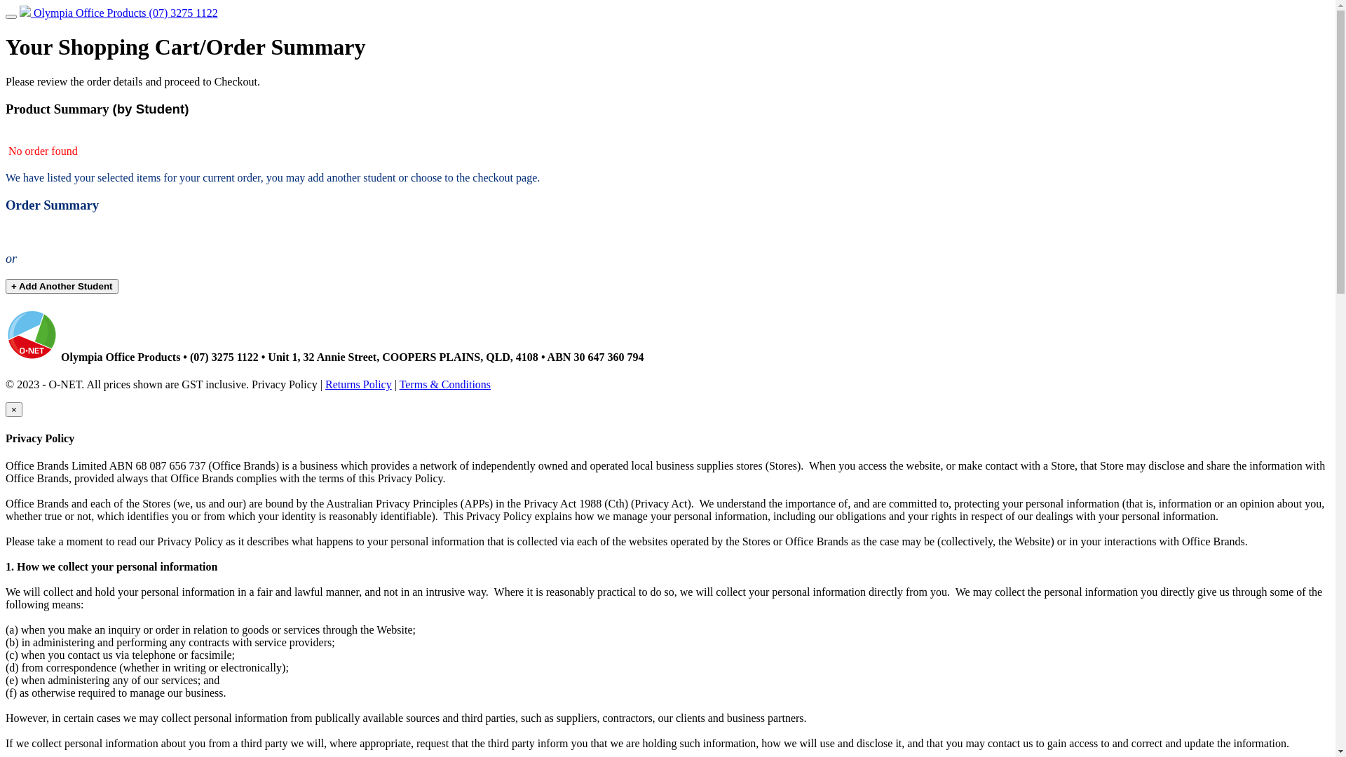 This screenshot has height=757, width=1346. I want to click on '+ Add Another Student', so click(61, 285).